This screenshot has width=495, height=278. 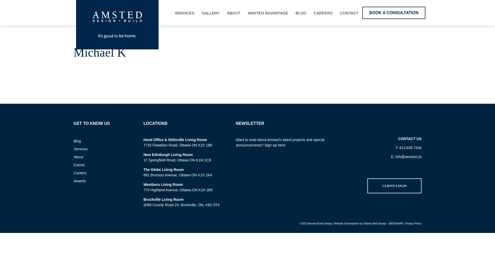 I want to click on 'CLIENT LOGIN', so click(x=367, y=186).